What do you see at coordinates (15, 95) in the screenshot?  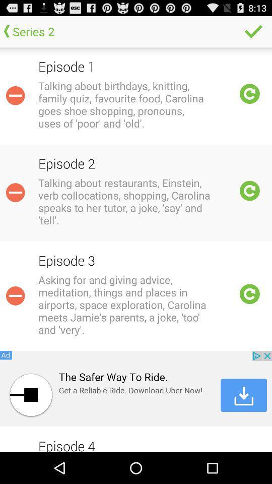 I see `delete episode` at bounding box center [15, 95].